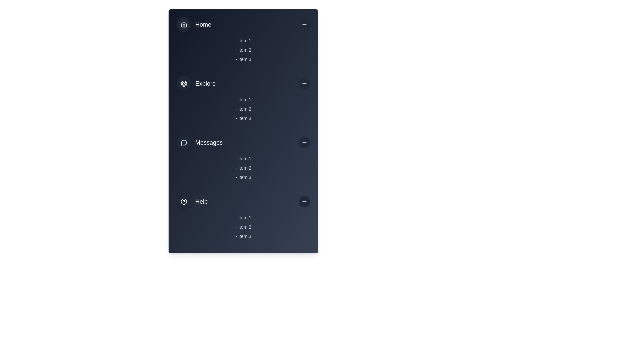  I want to click on the second list item labeled '- Item 2' in the 'Messages' section of the vertical navigation menu, so click(243, 168).